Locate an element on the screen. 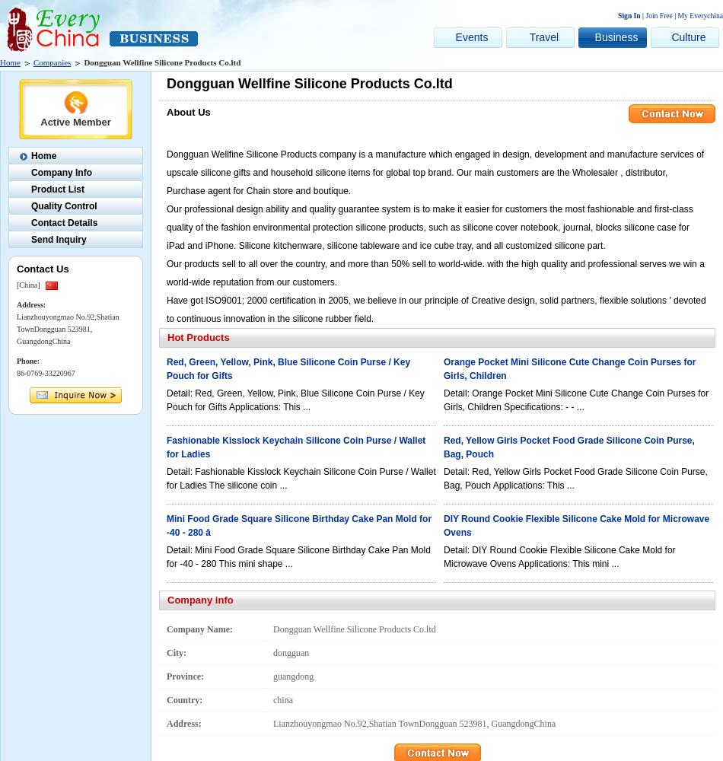 This screenshot has height=761, width=723. 'dongguan' is located at coordinates (290, 652).